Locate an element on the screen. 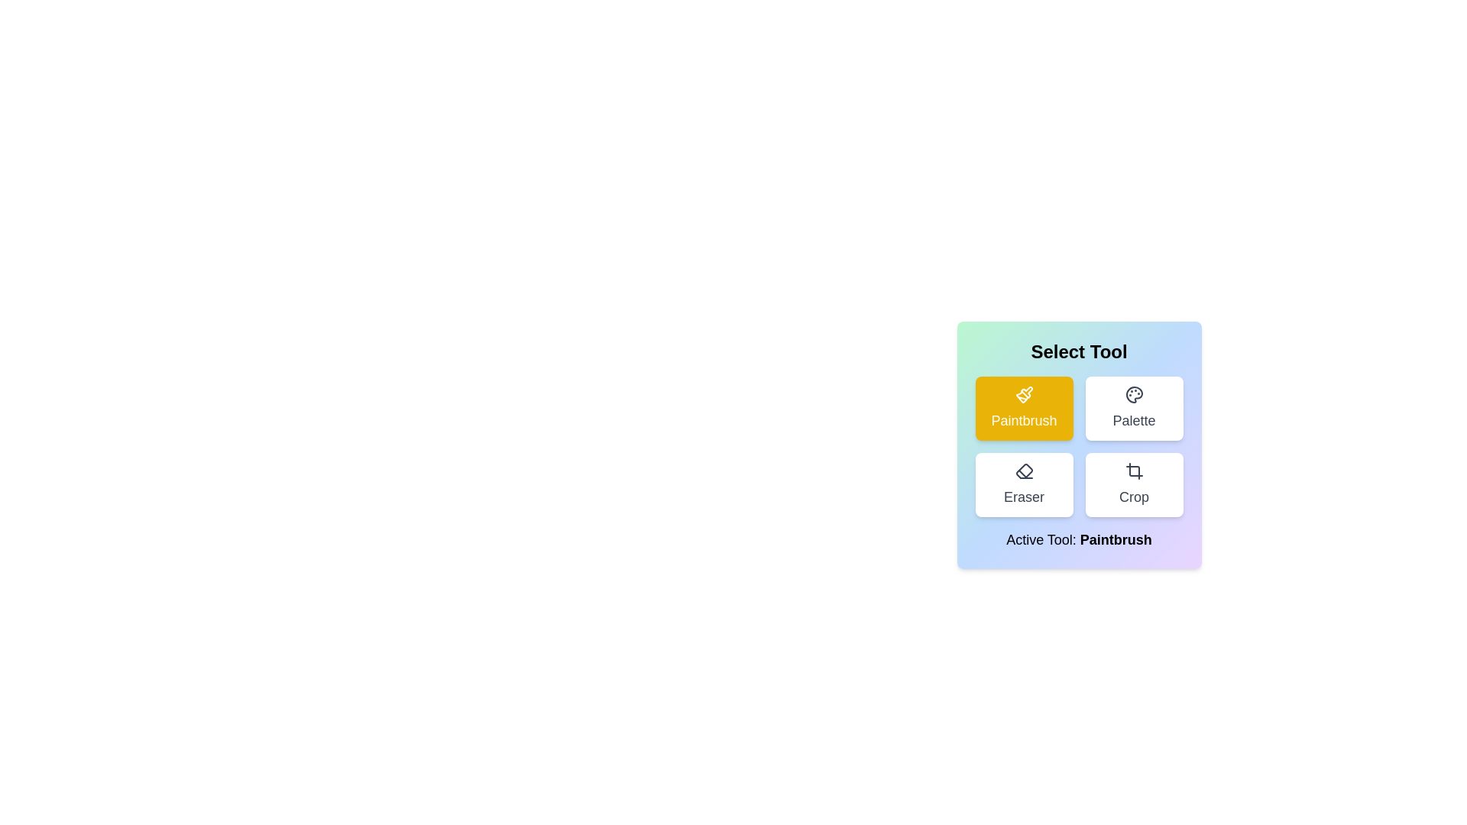 Image resolution: width=1467 pixels, height=825 pixels. the button corresponding to the tool Paintbrush is located at coordinates (1024, 408).